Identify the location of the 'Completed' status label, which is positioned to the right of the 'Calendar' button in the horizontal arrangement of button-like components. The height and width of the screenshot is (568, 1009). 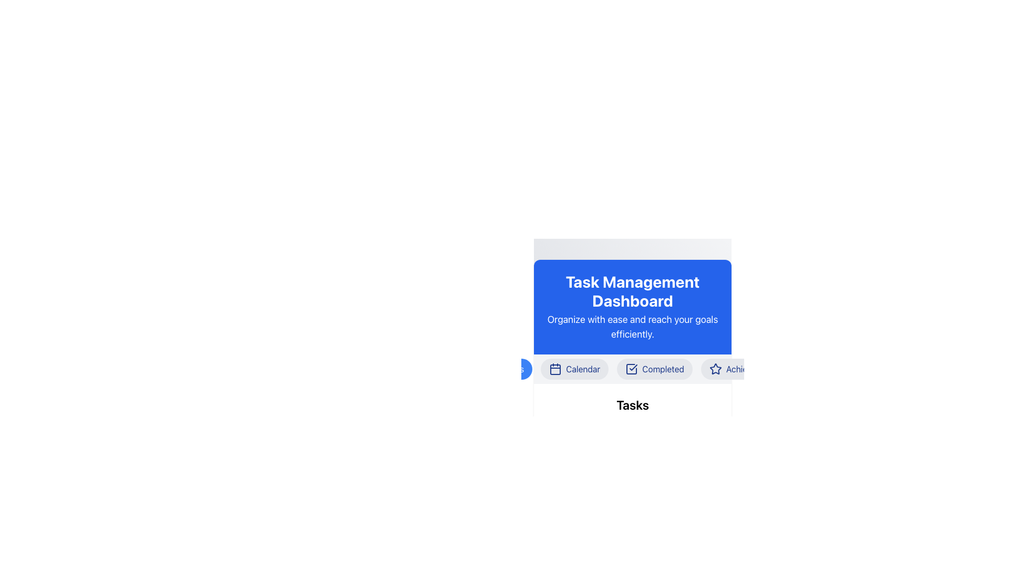
(663, 369).